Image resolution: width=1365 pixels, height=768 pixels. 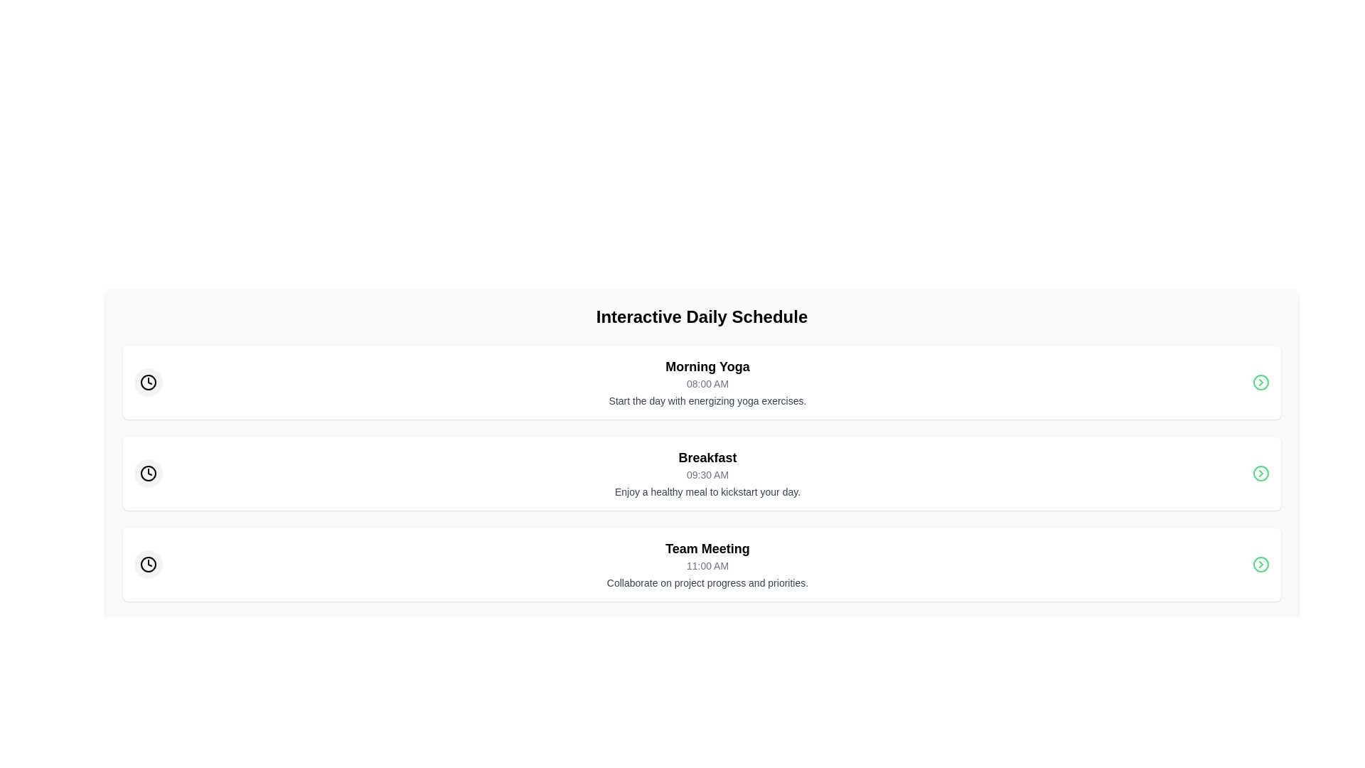 I want to click on the text display showing '11:00 AM', which is styled in a small gray font and positioned below the 'Team Meeting' title and above the descriptive text, so click(x=707, y=565).